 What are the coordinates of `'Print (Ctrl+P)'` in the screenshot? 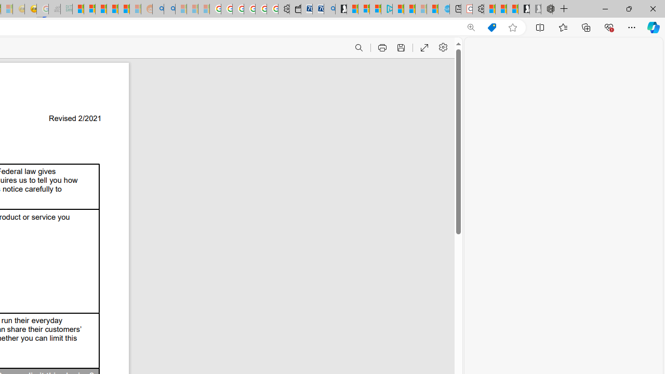 It's located at (381, 48).